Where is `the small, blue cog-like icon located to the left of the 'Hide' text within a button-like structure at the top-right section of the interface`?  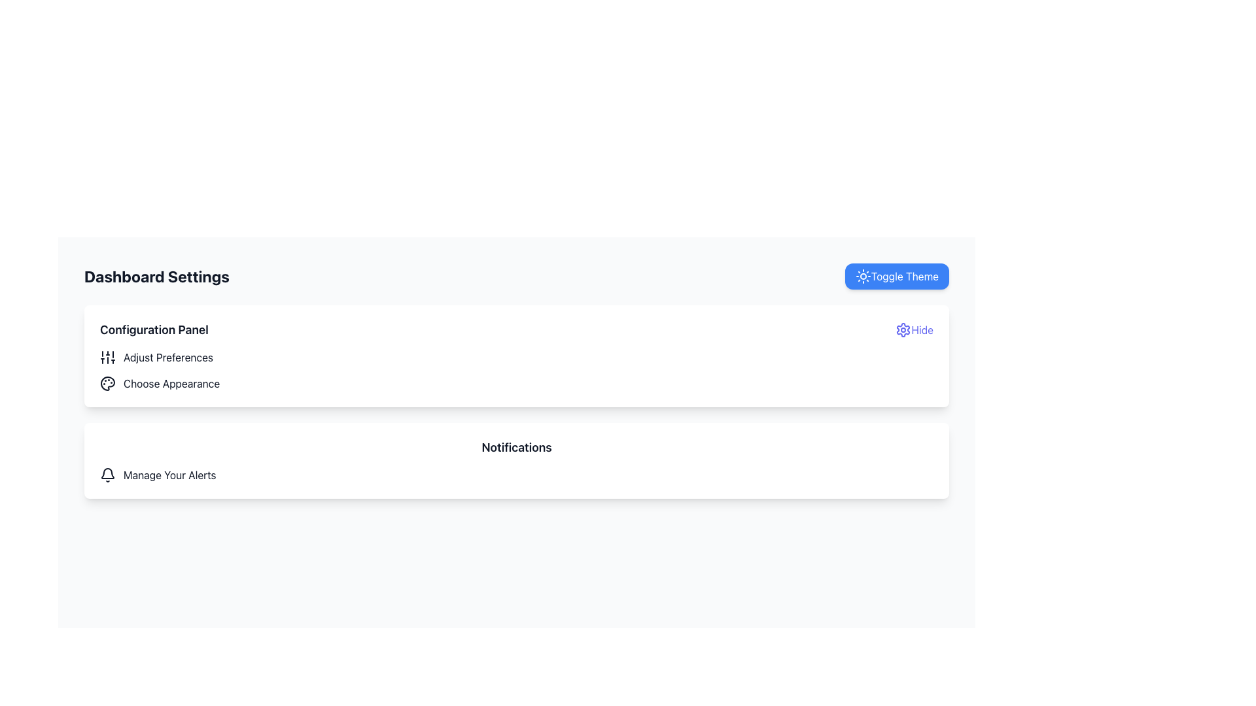
the small, blue cog-like icon located to the left of the 'Hide' text within a button-like structure at the top-right section of the interface is located at coordinates (903, 329).